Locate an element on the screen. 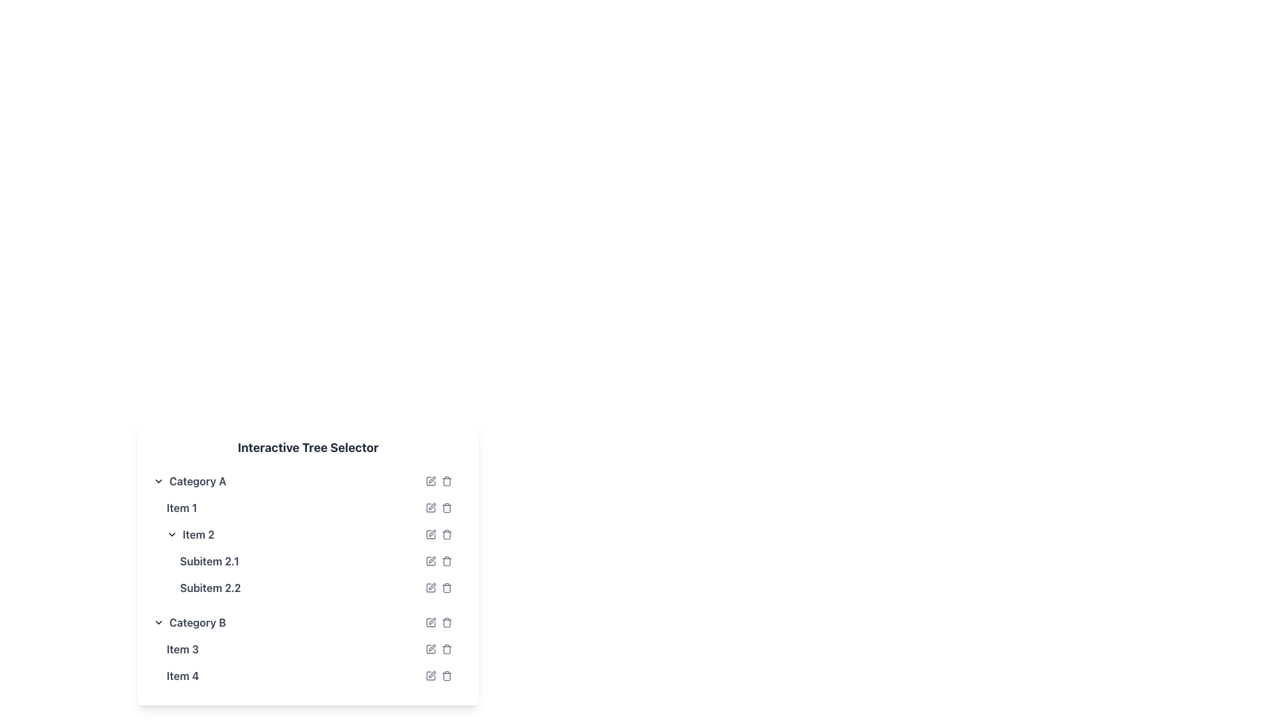 The image size is (1281, 720). the trash bin icon located to the right of 'Item 2' in the hierarchical tree under 'Category A' is located at coordinates (447, 534).